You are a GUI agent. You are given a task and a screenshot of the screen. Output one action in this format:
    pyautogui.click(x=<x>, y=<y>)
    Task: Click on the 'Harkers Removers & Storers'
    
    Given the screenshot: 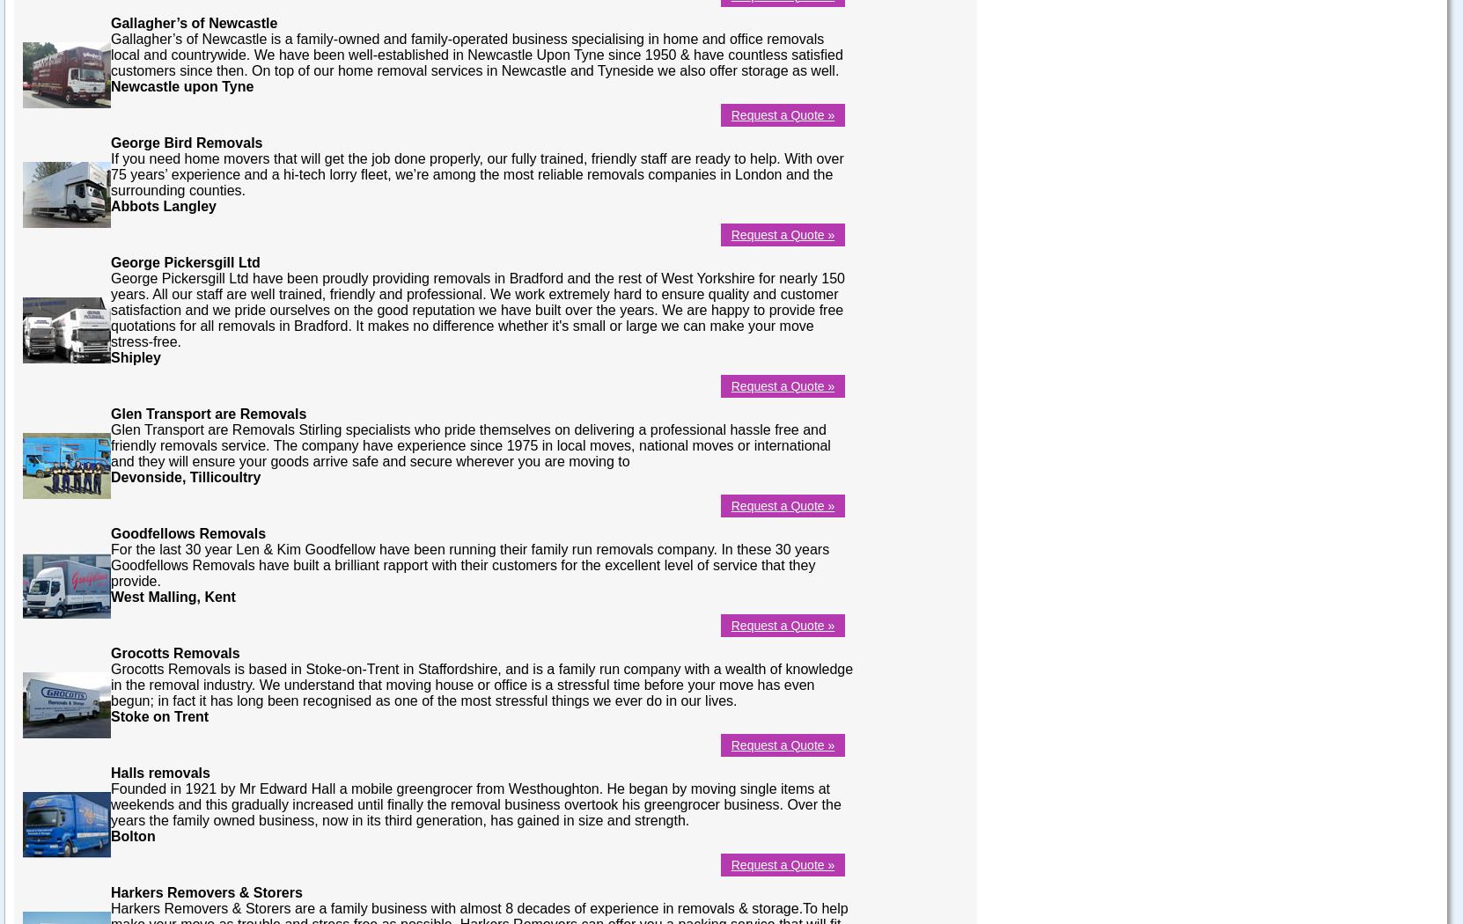 What is the action you would take?
    pyautogui.click(x=205, y=891)
    